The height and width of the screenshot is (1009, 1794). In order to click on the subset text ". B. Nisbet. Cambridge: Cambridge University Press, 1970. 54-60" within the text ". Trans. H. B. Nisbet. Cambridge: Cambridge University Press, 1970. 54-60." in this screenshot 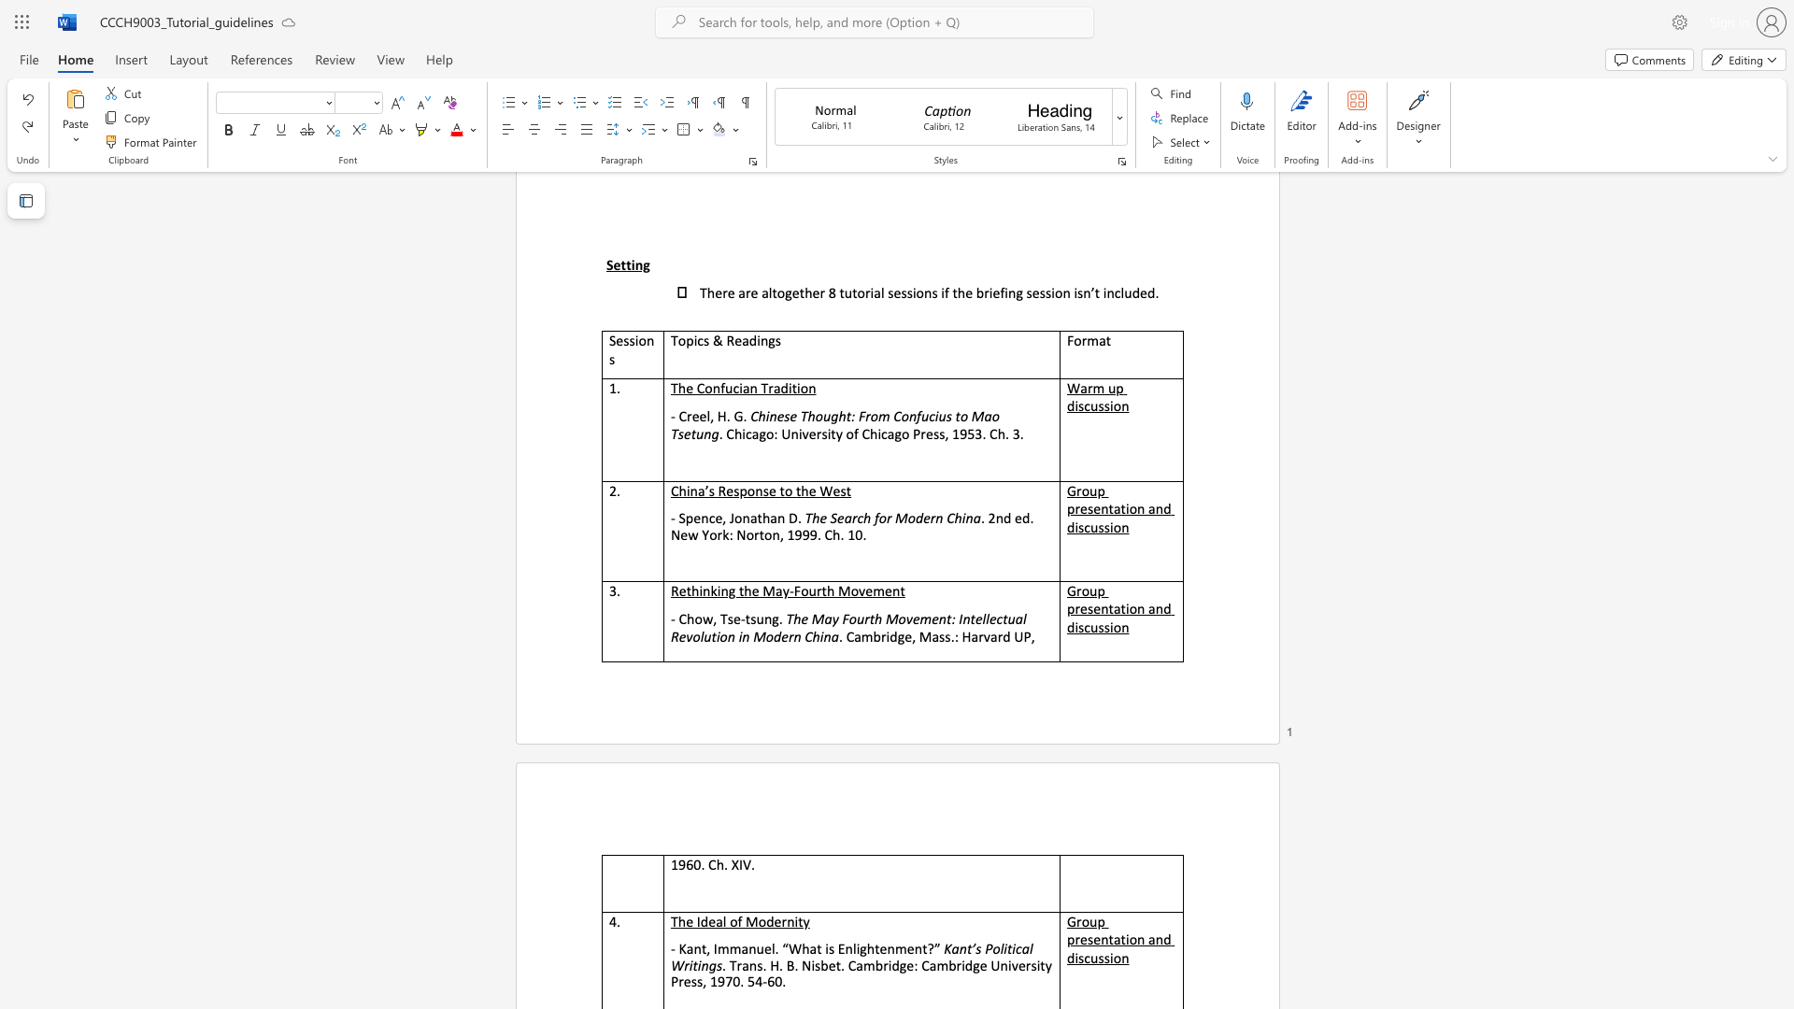, I will do `click(779, 965)`.